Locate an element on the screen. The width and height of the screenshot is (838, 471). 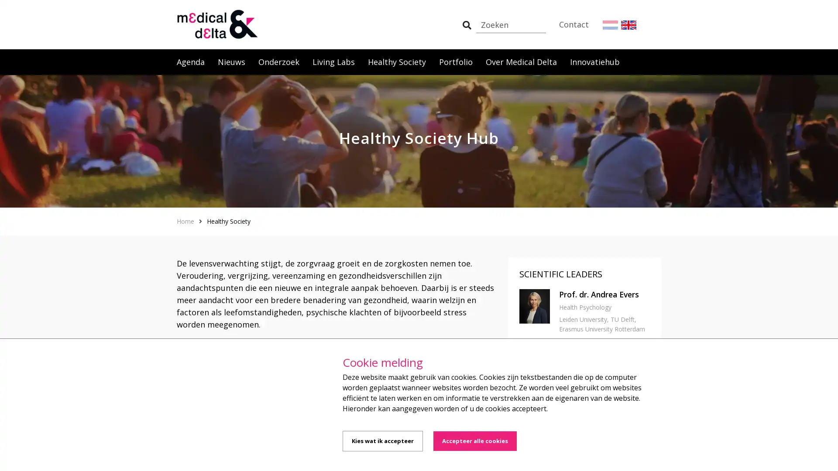
Accepteer alle cookies is located at coordinates (474, 441).